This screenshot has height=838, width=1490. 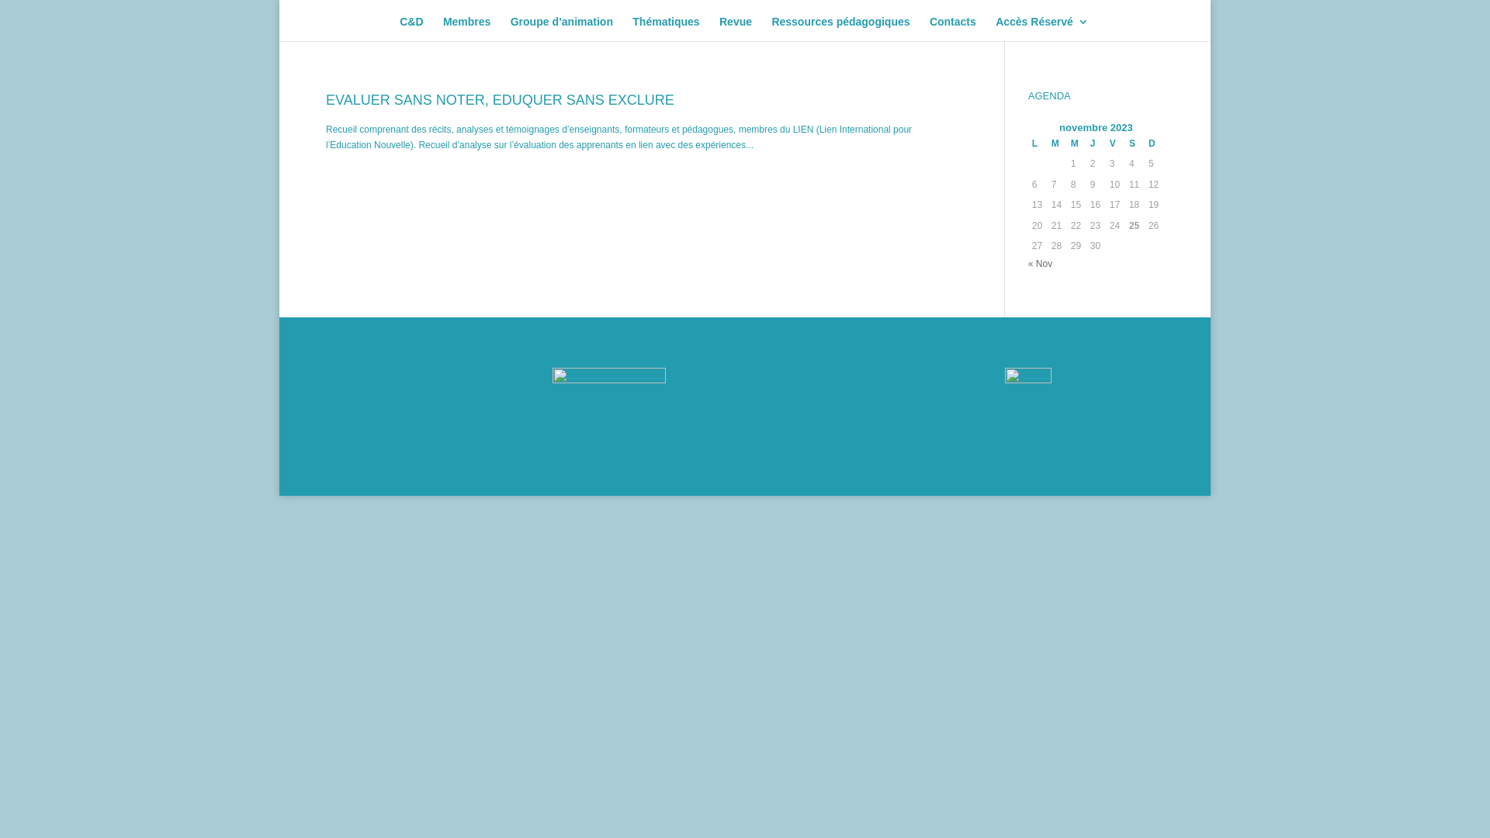 I want to click on 'Contacts', so click(x=952, y=29).